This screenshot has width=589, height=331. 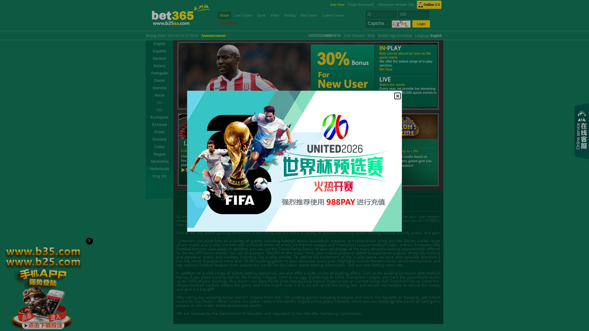 I want to click on 'Sports', so click(x=261, y=15).